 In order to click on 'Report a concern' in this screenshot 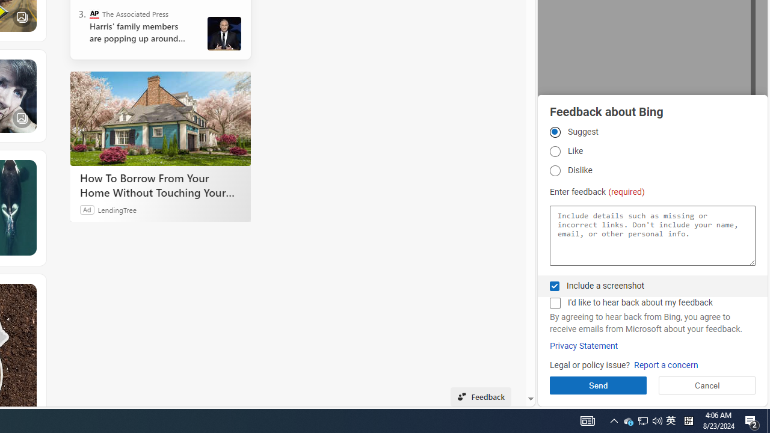, I will do `click(665, 364)`.